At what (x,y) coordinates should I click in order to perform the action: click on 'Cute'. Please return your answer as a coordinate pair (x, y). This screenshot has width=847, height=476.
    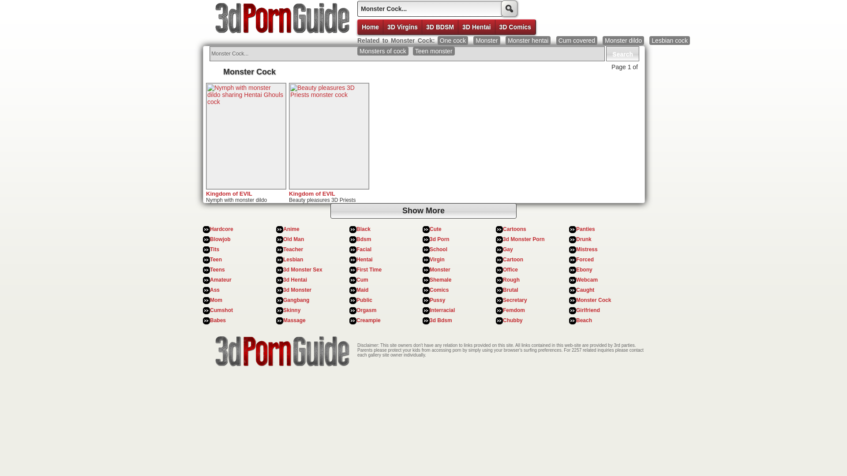
    Looking at the image, I should click on (430, 229).